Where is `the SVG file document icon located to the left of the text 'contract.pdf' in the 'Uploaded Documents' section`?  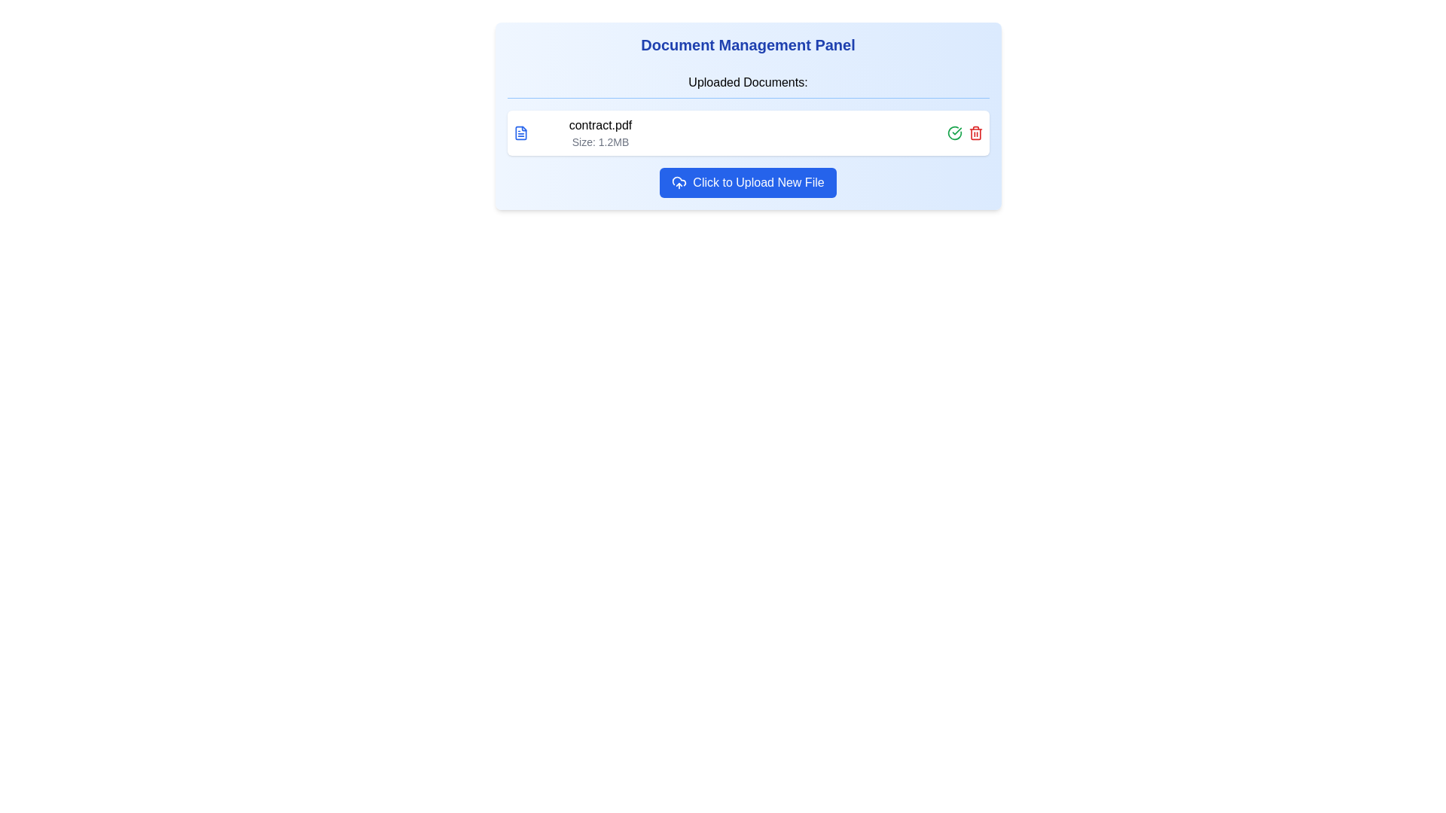 the SVG file document icon located to the left of the text 'contract.pdf' in the 'Uploaded Documents' section is located at coordinates (520, 132).